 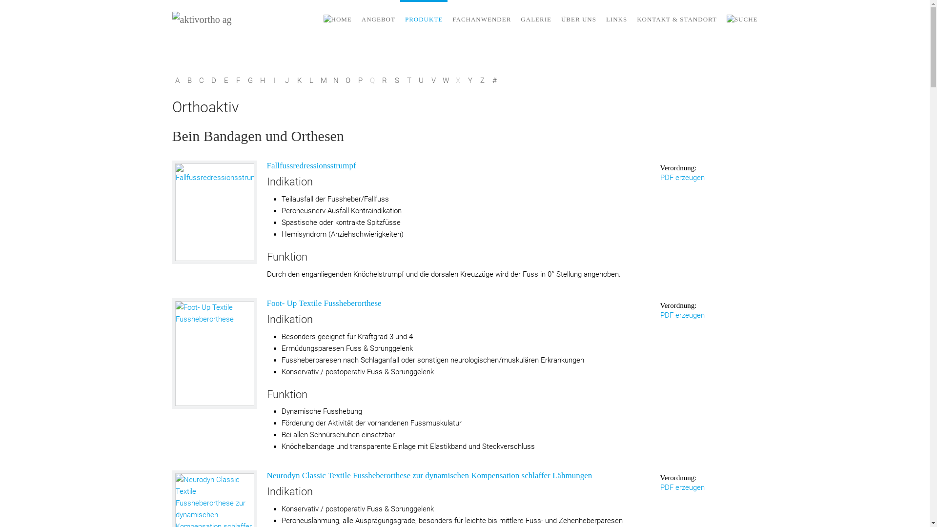 I want to click on 'E', so click(x=225, y=80).